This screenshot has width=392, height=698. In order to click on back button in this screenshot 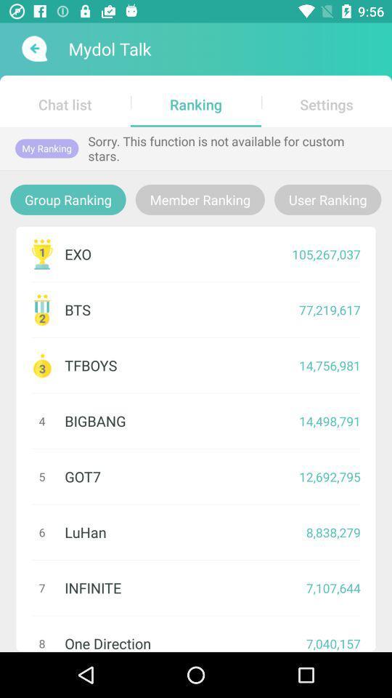, I will do `click(33, 49)`.